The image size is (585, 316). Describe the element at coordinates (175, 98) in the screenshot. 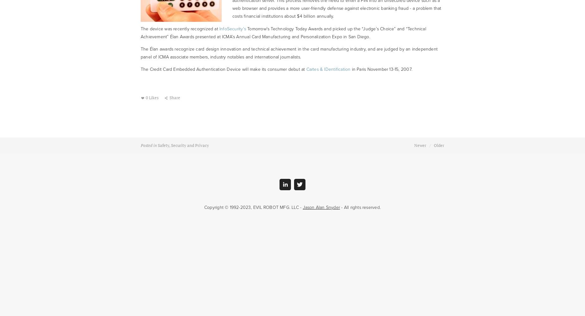

I see `'Share'` at that location.